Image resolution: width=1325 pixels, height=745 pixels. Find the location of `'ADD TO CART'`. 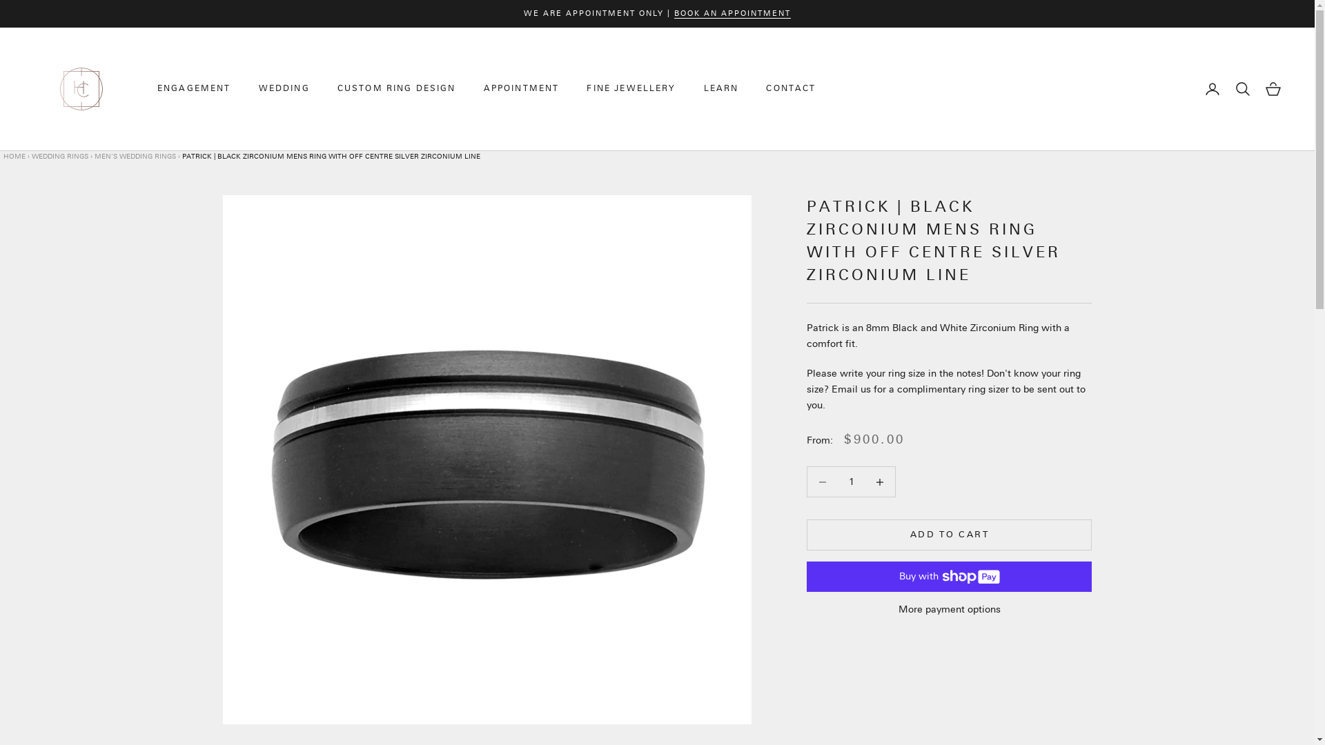

'ADD TO CART' is located at coordinates (807, 534).